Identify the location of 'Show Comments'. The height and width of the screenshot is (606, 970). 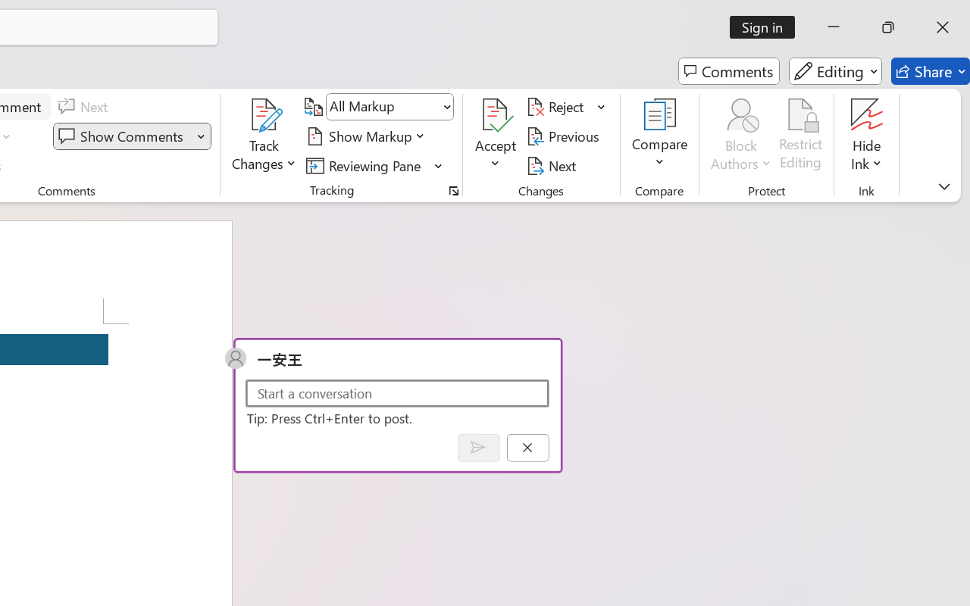
(132, 136).